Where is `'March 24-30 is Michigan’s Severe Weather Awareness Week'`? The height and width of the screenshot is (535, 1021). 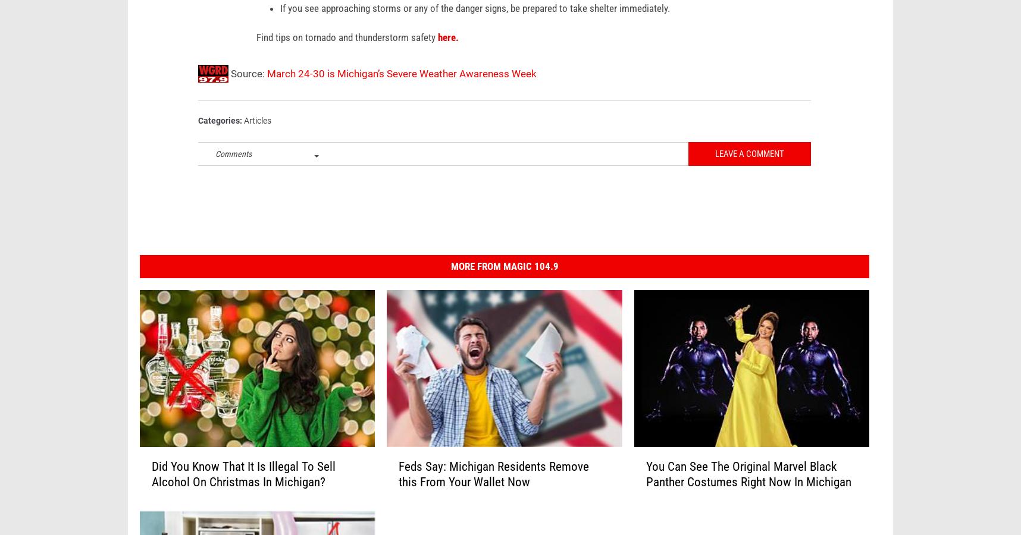 'March 24-30 is Michigan’s Severe Weather Awareness Week' is located at coordinates (401, 92).